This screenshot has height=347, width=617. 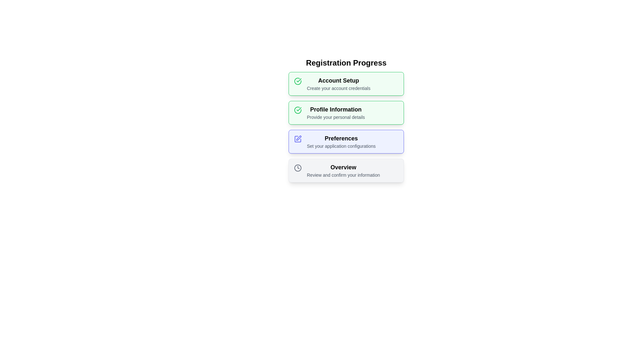 What do you see at coordinates (335, 117) in the screenshot?
I see `the static text label providing additional information about the 'Profile Information' section, located directly under its header text within the green-bordered section` at bounding box center [335, 117].